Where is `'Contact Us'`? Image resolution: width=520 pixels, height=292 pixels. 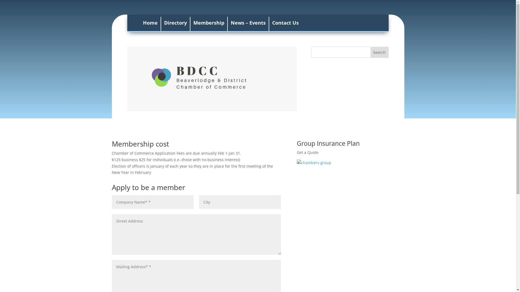 'Contact Us' is located at coordinates (285, 24).